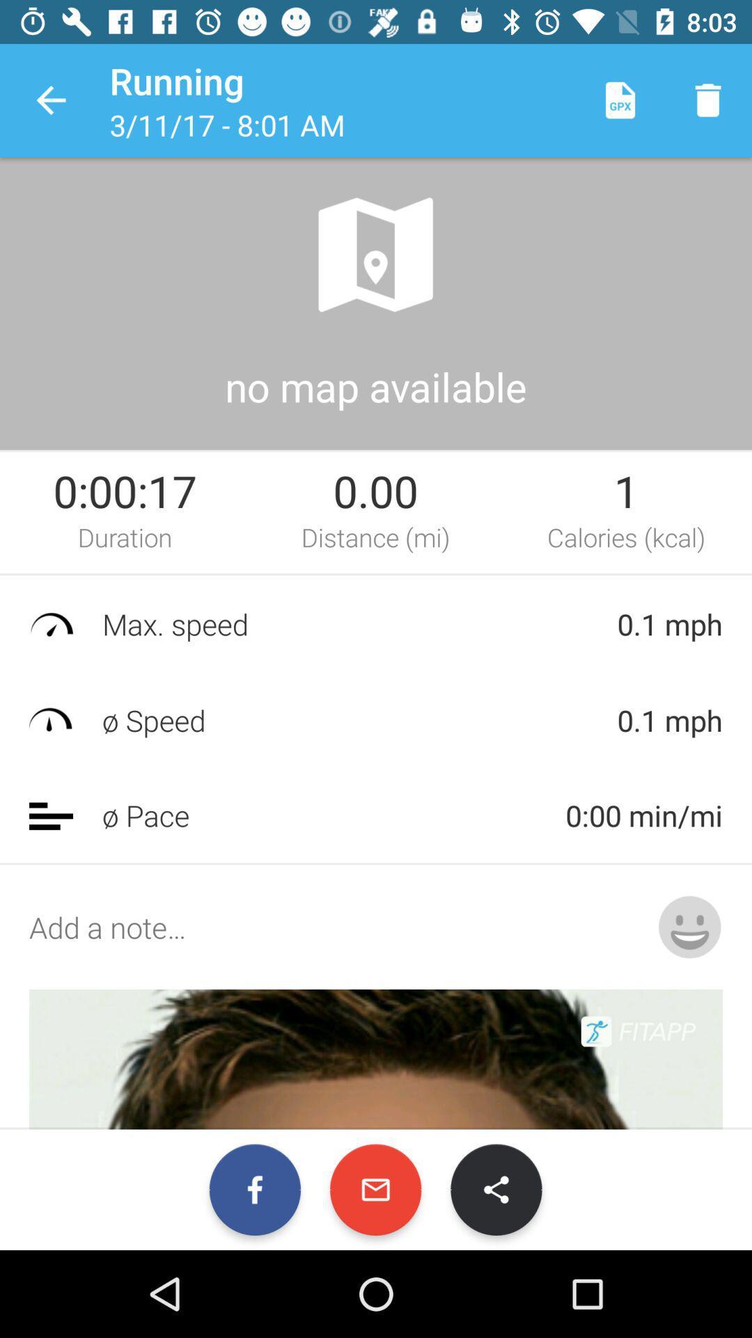 The image size is (752, 1338). I want to click on the share icon, so click(495, 1189).